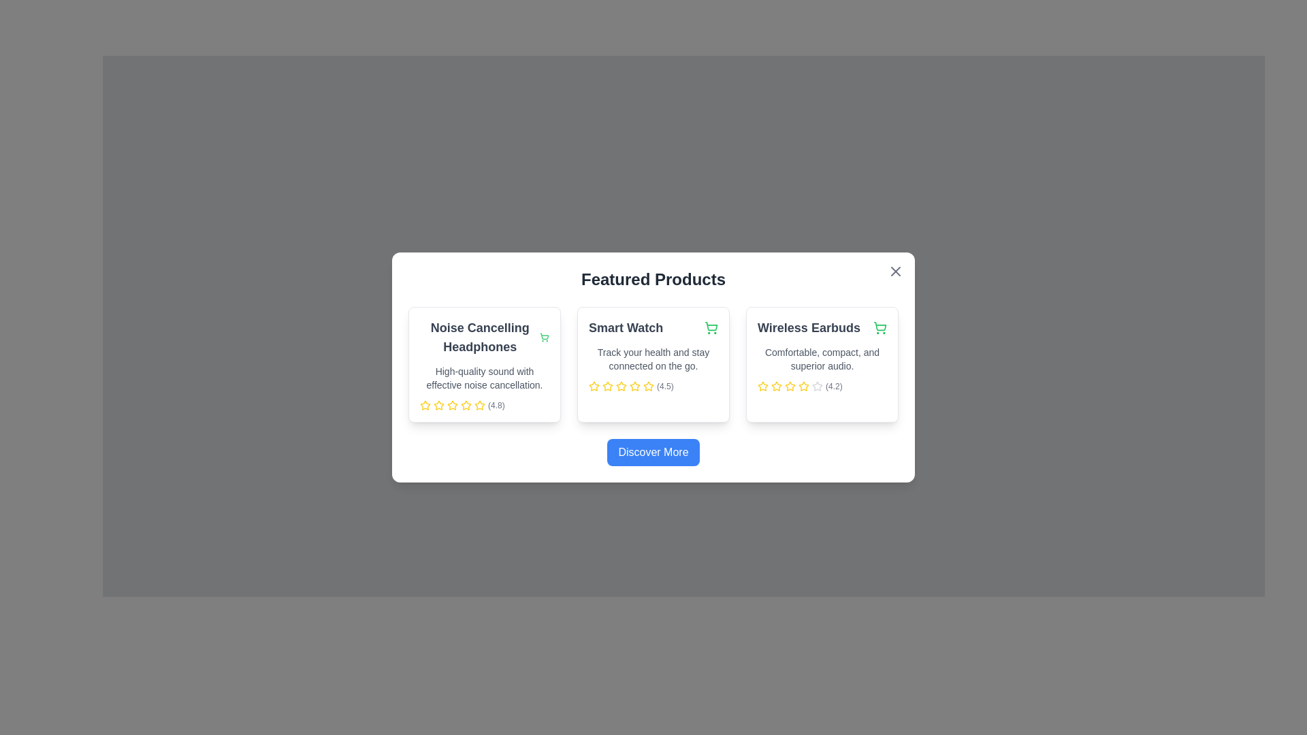 The height and width of the screenshot is (735, 1307). Describe the element at coordinates (817, 386) in the screenshot. I see `the fifth and last gray-colored star icon in the five-star rating row under the 'Wireless Earbuds' product description` at that location.